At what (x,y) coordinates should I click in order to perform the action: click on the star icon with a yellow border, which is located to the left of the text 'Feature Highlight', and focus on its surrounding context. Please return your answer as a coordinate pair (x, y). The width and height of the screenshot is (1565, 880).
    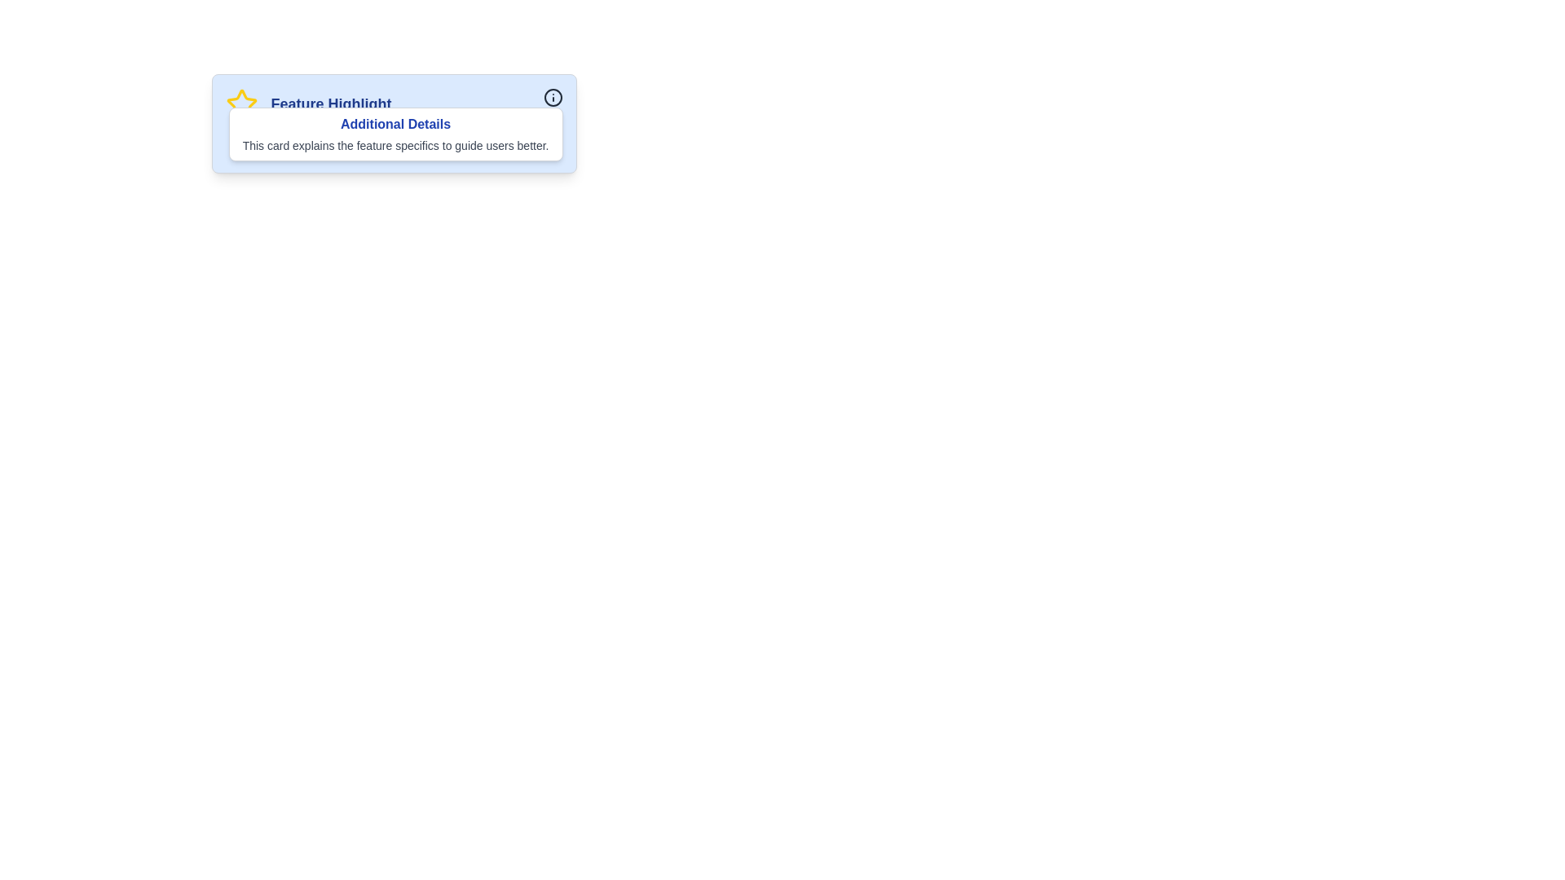
    Looking at the image, I should click on (240, 103).